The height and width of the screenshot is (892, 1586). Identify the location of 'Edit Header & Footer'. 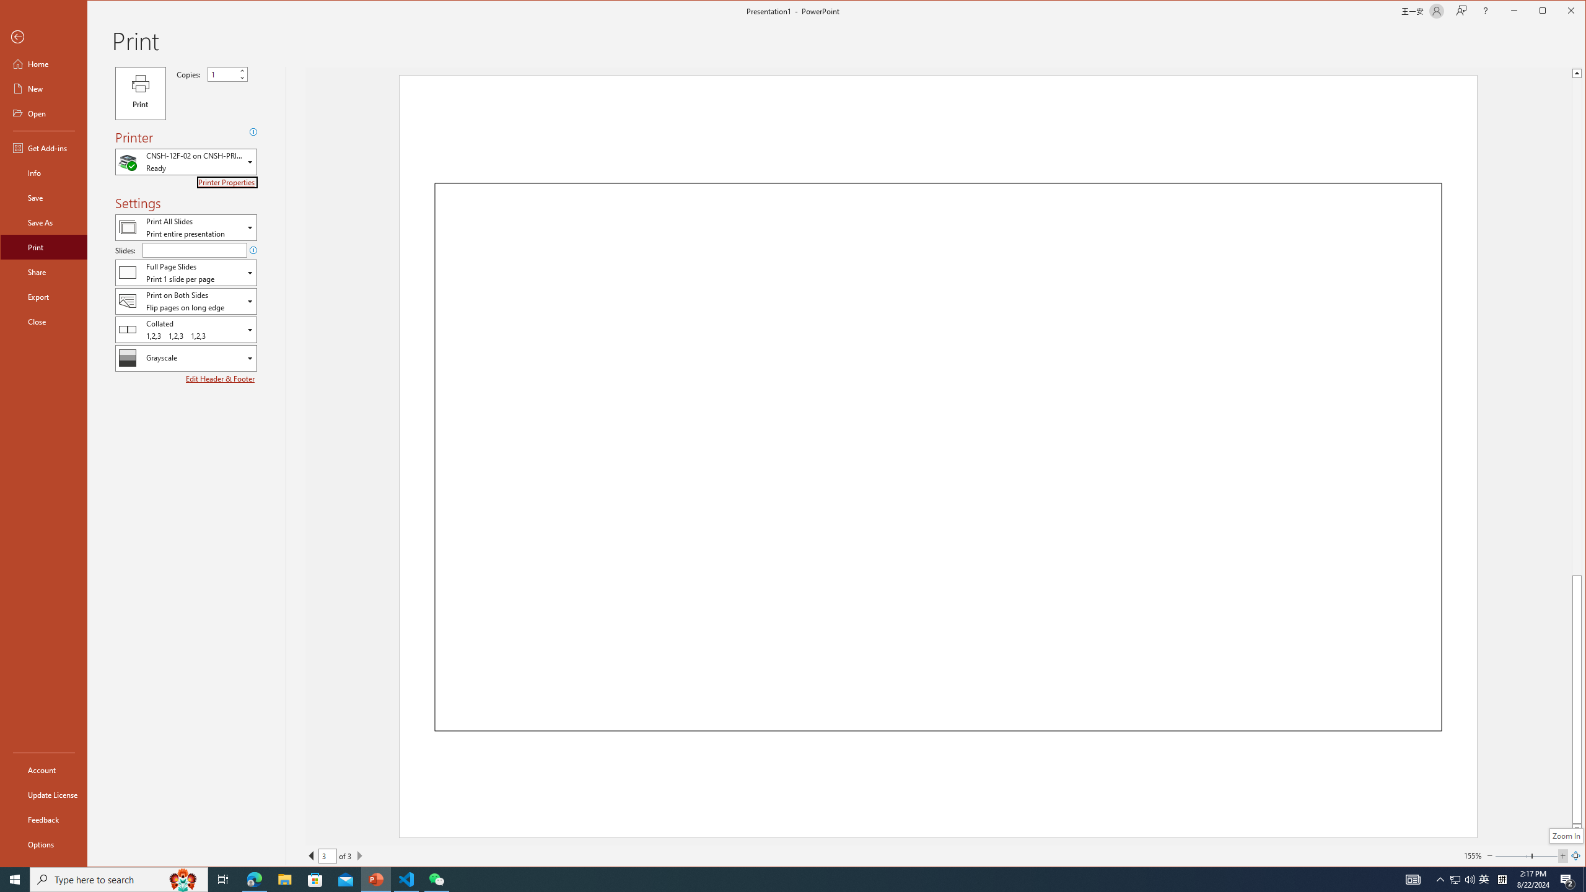
(221, 379).